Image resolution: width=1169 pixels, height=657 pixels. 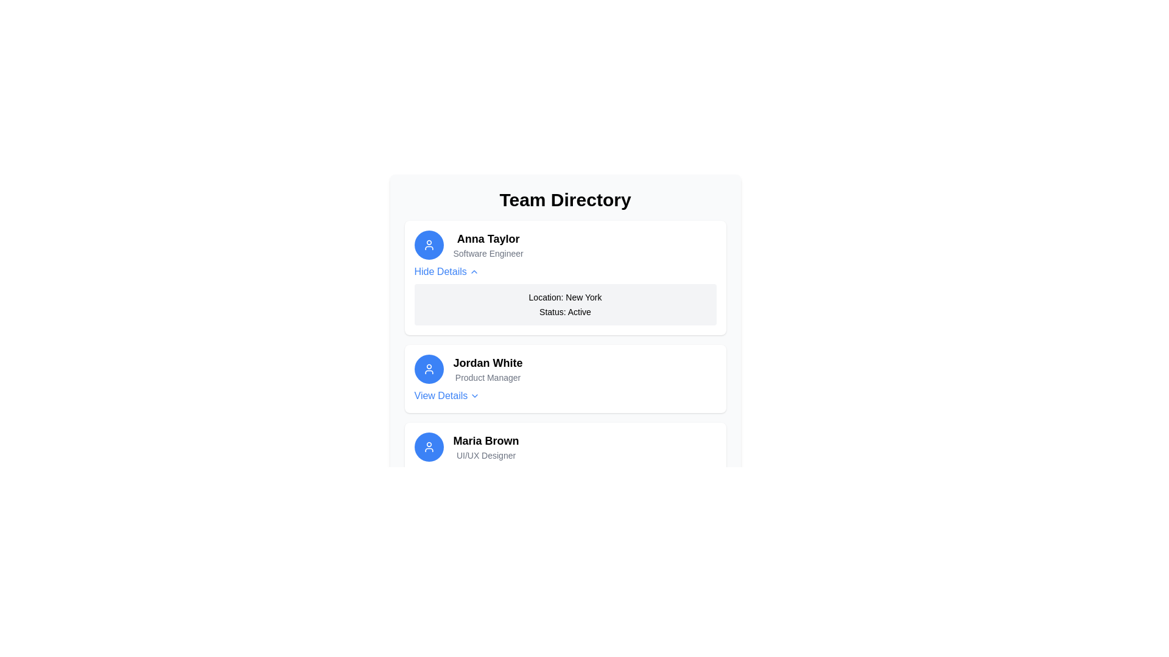 What do you see at coordinates (474, 396) in the screenshot?
I see `the Chevron icon (SVG graphic) next to 'View Details' for Jordan White` at bounding box center [474, 396].